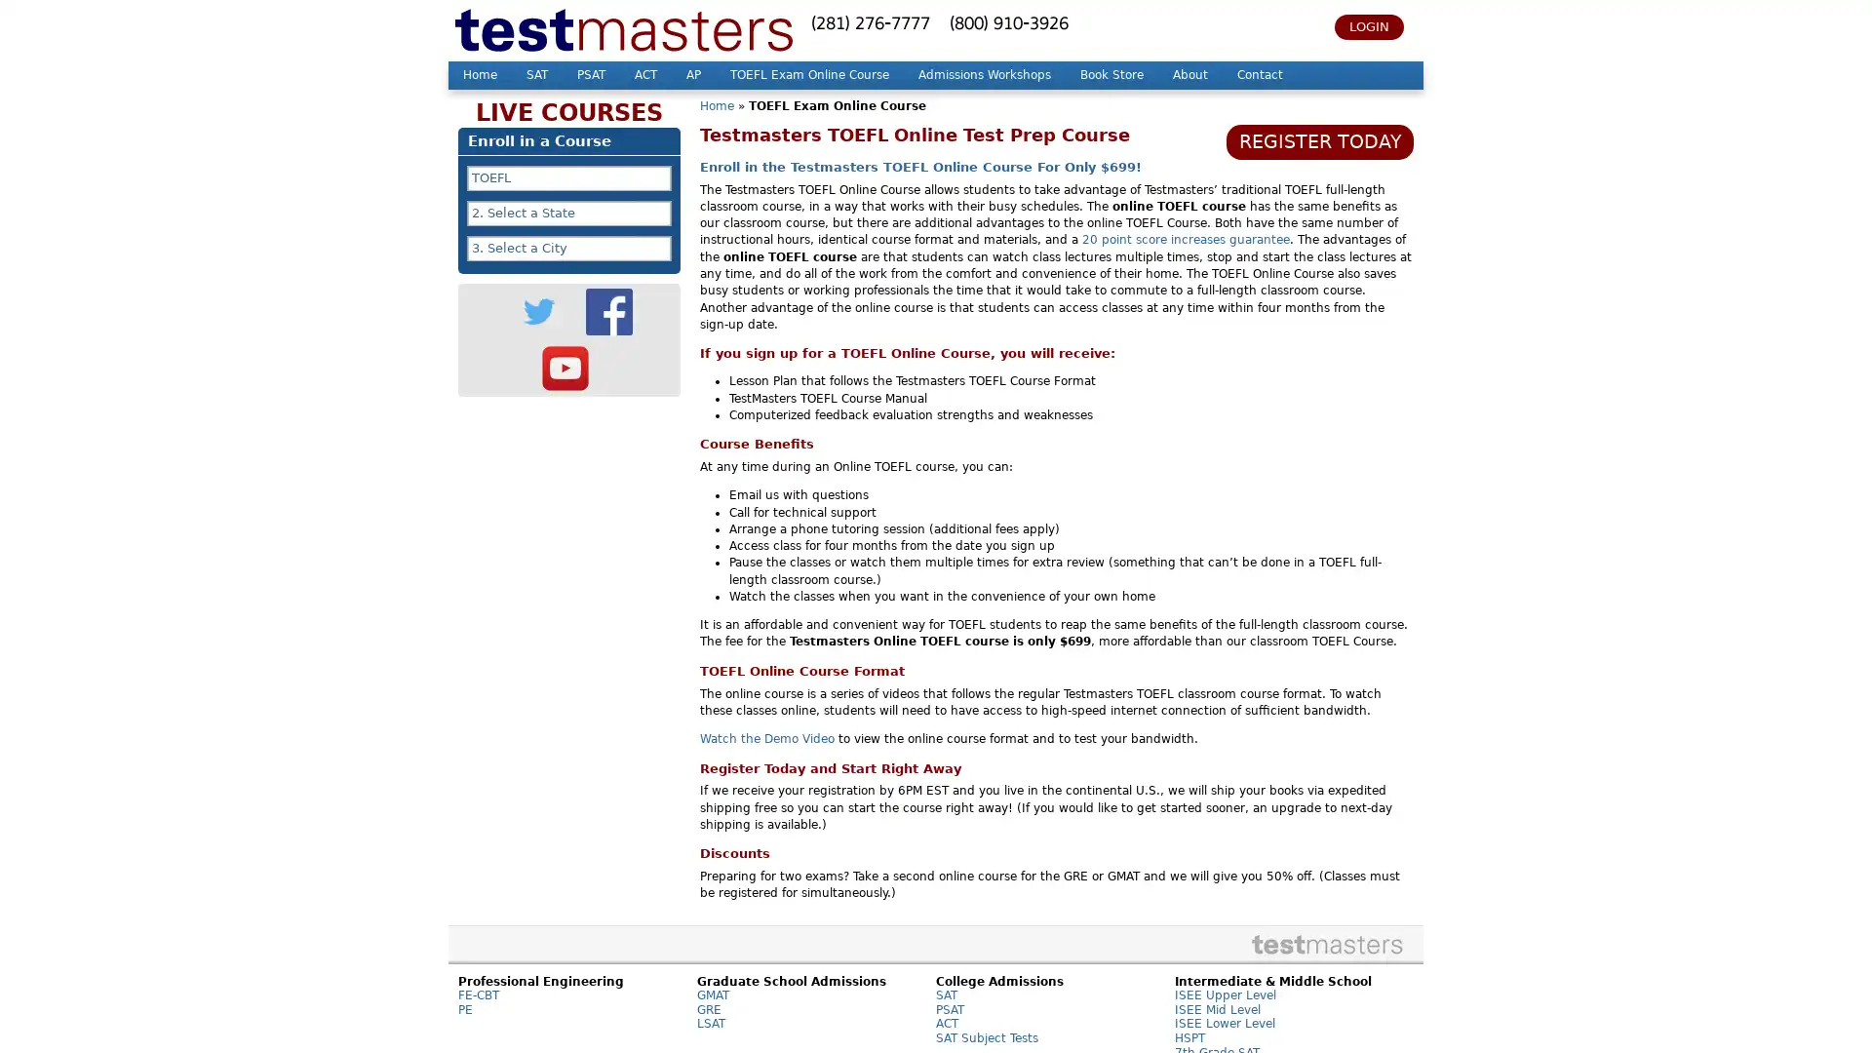 The width and height of the screenshot is (1872, 1053). I want to click on TOEFL, so click(568, 177).